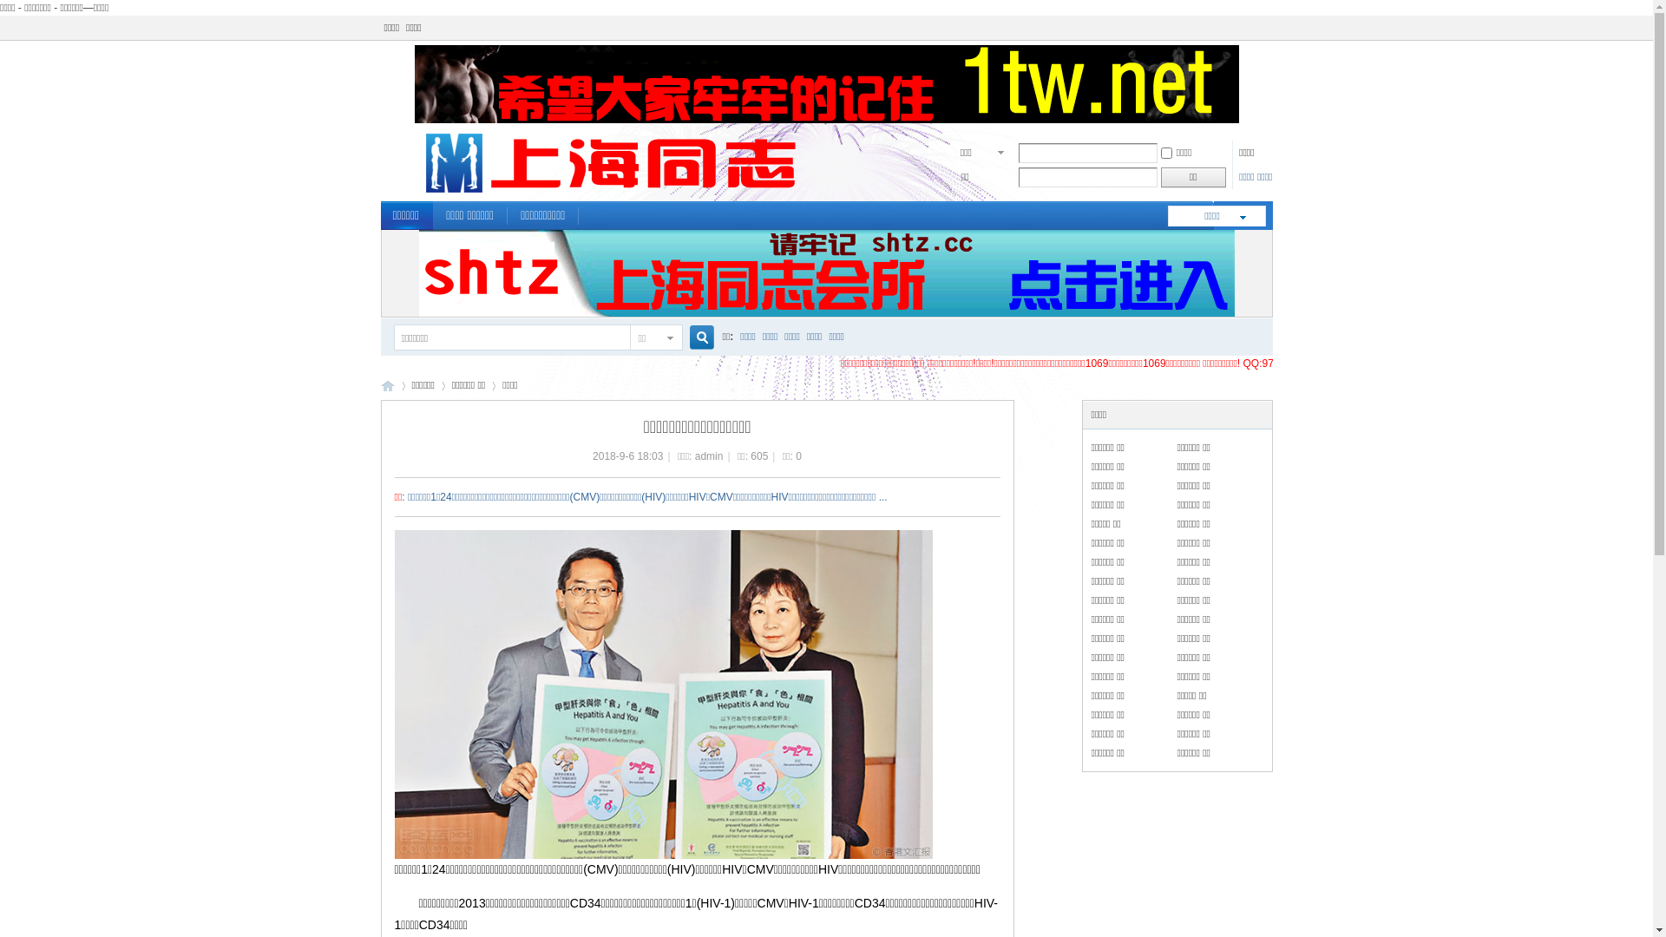 This screenshot has width=1666, height=937. I want to click on 'admin', so click(709, 455).